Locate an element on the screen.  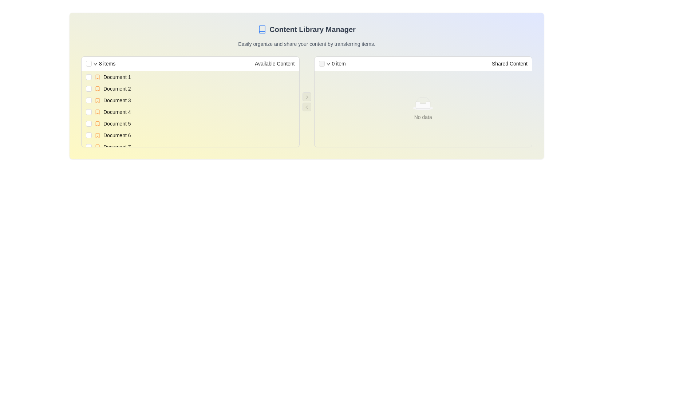
the 'No data' text label located in the 'Shared Content' section of the Content Library Manager interface is located at coordinates (423, 116).